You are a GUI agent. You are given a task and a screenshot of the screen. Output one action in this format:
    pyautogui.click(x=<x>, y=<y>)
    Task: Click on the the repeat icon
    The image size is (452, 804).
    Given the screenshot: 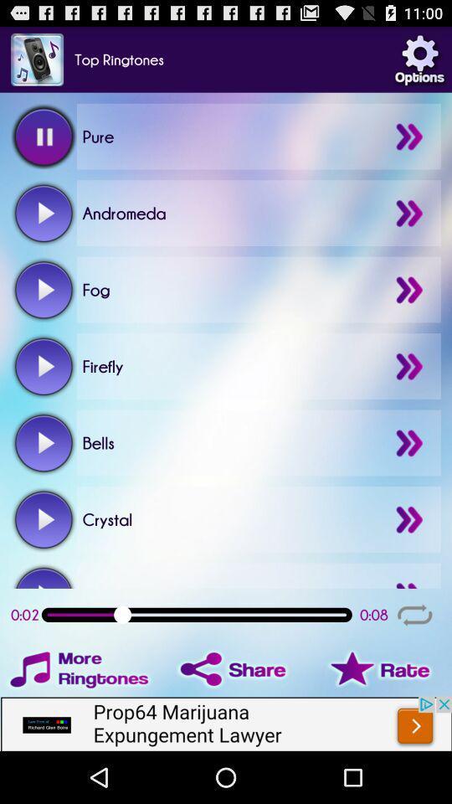 What is the action you would take?
    pyautogui.click(x=413, y=657)
    